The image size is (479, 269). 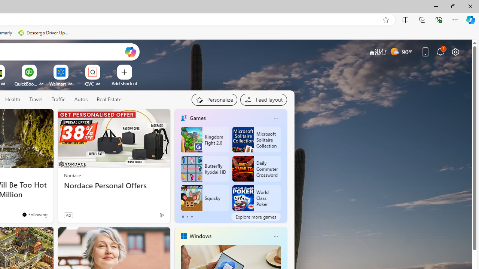 I want to click on 'Descarga Driver Updater', so click(x=44, y=33).